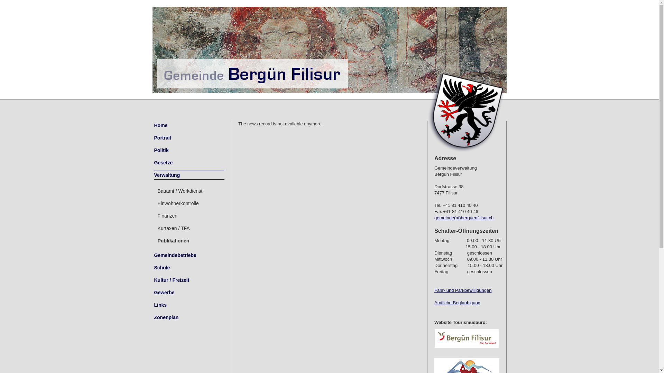 The width and height of the screenshot is (664, 373). Describe the element at coordinates (189, 174) in the screenshot. I see `'Verwaltung'` at that location.